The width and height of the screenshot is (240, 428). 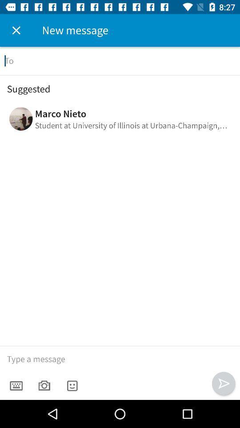 I want to click on recipient here, so click(x=120, y=60).